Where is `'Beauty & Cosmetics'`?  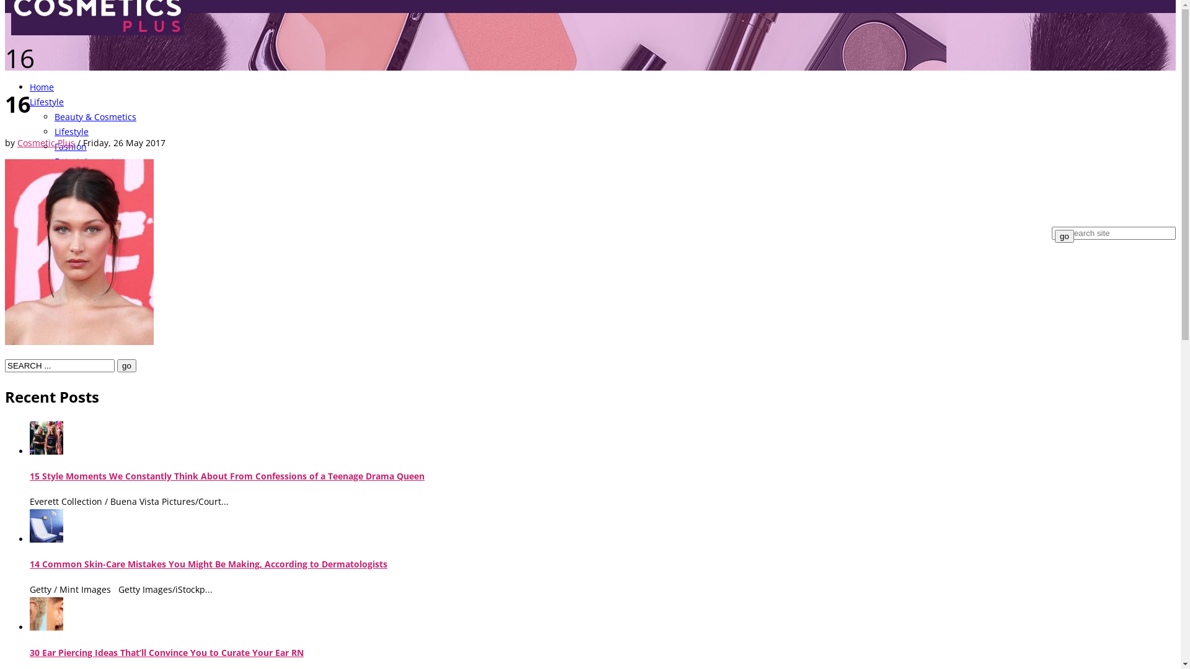 'Beauty & Cosmetics' is located at coordinates (94, 116).